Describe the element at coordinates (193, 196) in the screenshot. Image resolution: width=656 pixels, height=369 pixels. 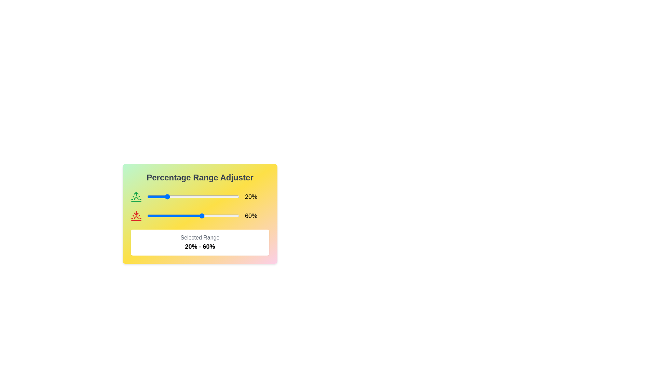
I see `the horizontal range slider in the 'Percentage Range Adjuster' panel to potentially view tooltips, specifically the slider with a blue circle-shaped handle at 20% and a percentage label '20%' to its right` at that location.